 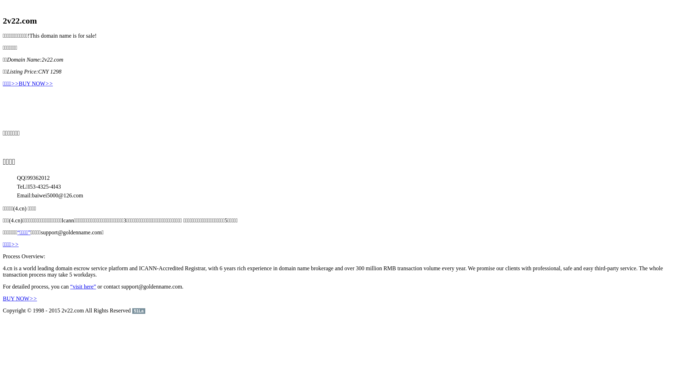 I want to click on 'BUY NOW>>', so click(x=35, y=83).